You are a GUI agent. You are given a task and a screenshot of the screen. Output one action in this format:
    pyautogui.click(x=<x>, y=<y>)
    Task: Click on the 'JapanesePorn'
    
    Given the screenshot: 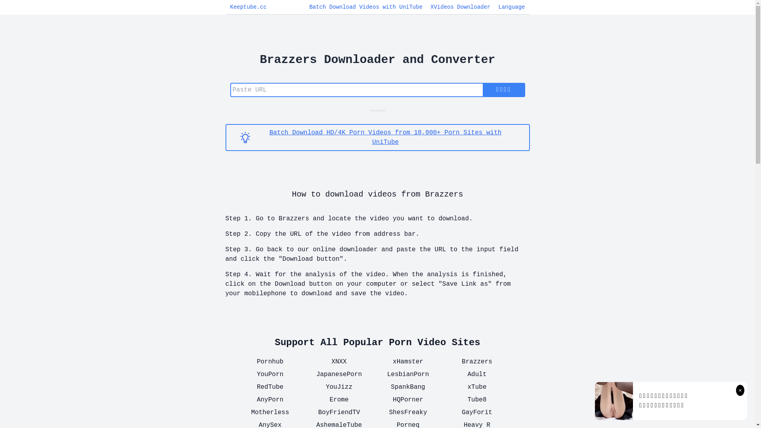 What is the action you would take?
    pyautogui.click(x=338, y=374)
    